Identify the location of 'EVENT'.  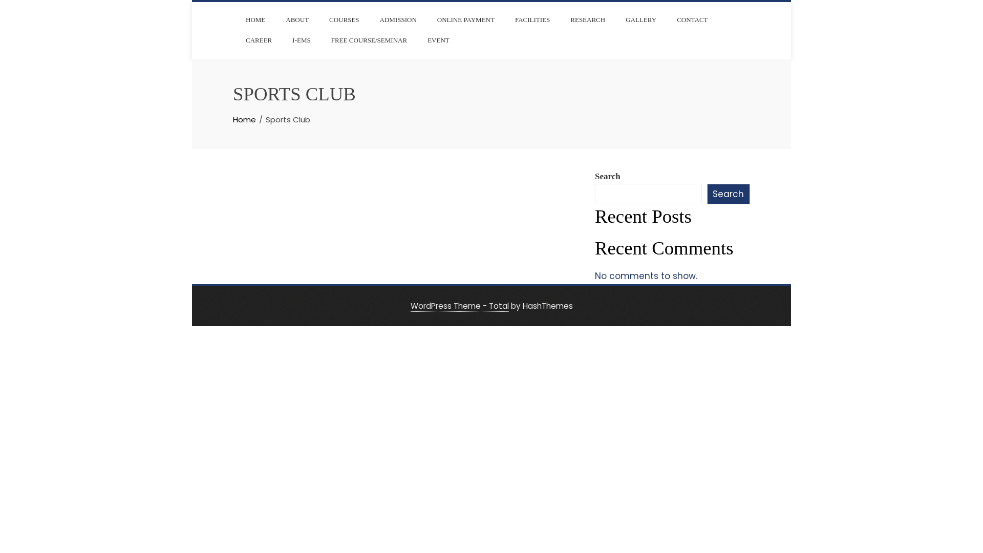
(438, 39).